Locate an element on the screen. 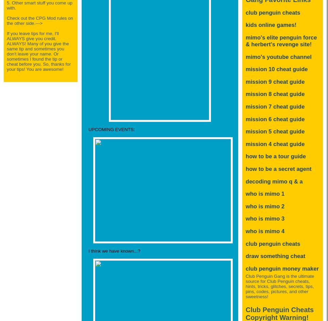 The width and height of the screenshot is (328, 321). 'Decoding Mimo' is located at coordinates (266, 181).